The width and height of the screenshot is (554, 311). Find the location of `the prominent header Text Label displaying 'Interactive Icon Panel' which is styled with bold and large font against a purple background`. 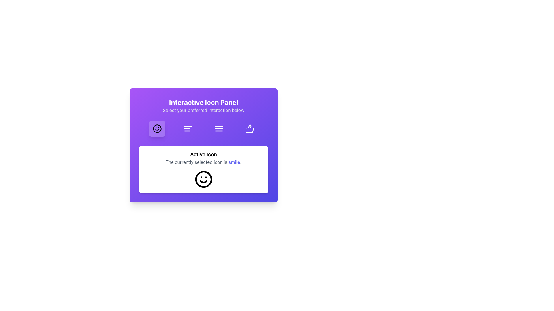

the prominent header Text Label displaying 'Interactive Icon Panel' which is styled with bold and large font against a purple background is located at coordinates (203, 102).